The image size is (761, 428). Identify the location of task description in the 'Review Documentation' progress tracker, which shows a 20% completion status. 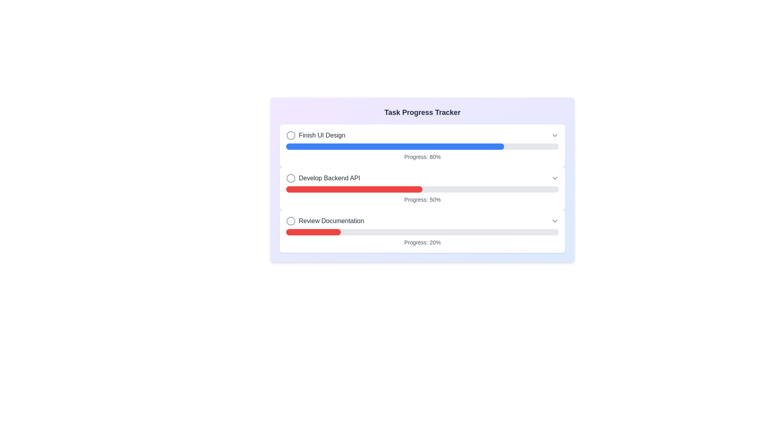
(422, 231).